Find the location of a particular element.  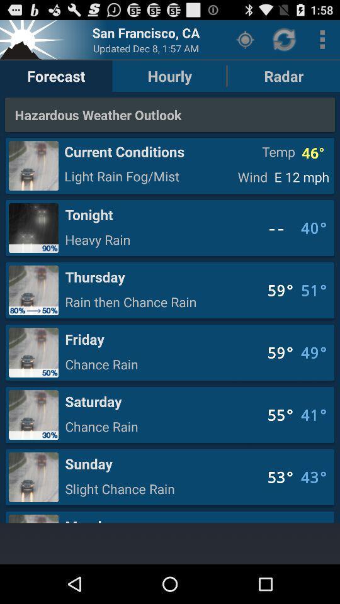

the item next to the hourly item is located at coordinates (55, 75).